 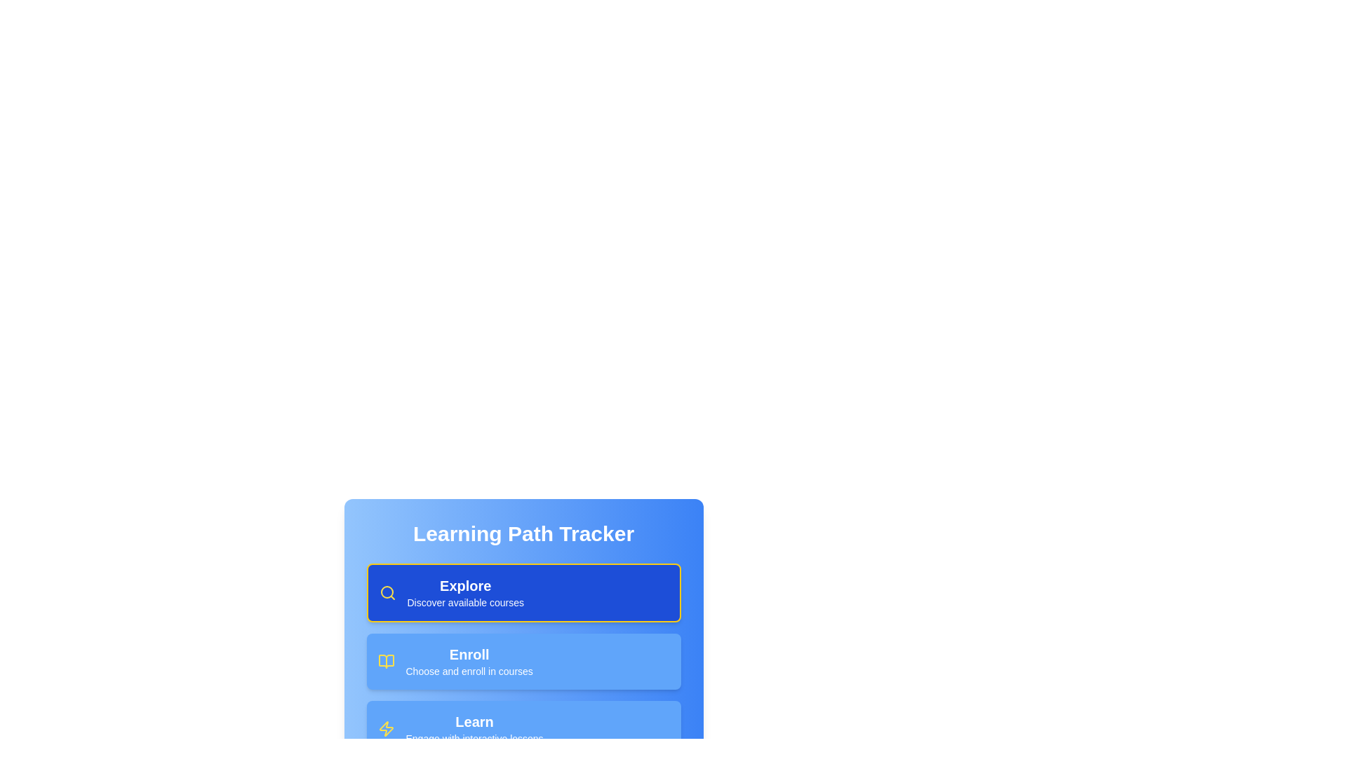 What do you see at coordinates (469, 662) in the screenshot?
I see `the 'Enroll' text block, which is located below the 'Explore' section and above the 'Learn' section in a vertically stacked list` at bounding box center [469, 662].